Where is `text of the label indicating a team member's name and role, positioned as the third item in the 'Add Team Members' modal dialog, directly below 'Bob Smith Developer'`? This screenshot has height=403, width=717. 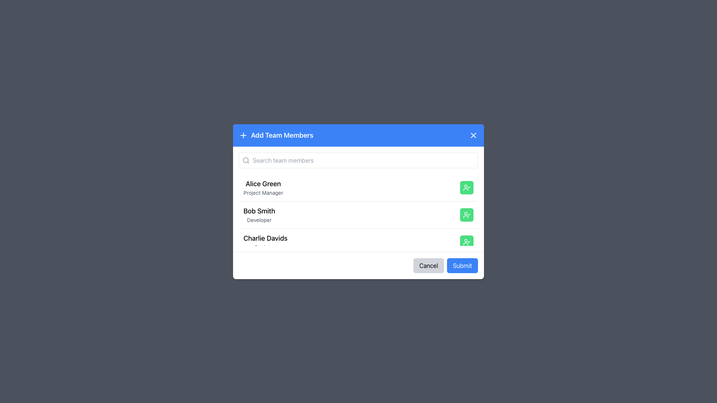 text of the label indicating a team member's name and role, positioned as the third item in the 'Add Team Members' modal dialog, directly below 'Bob Smith Developer' is located at coordinates (265, 242).